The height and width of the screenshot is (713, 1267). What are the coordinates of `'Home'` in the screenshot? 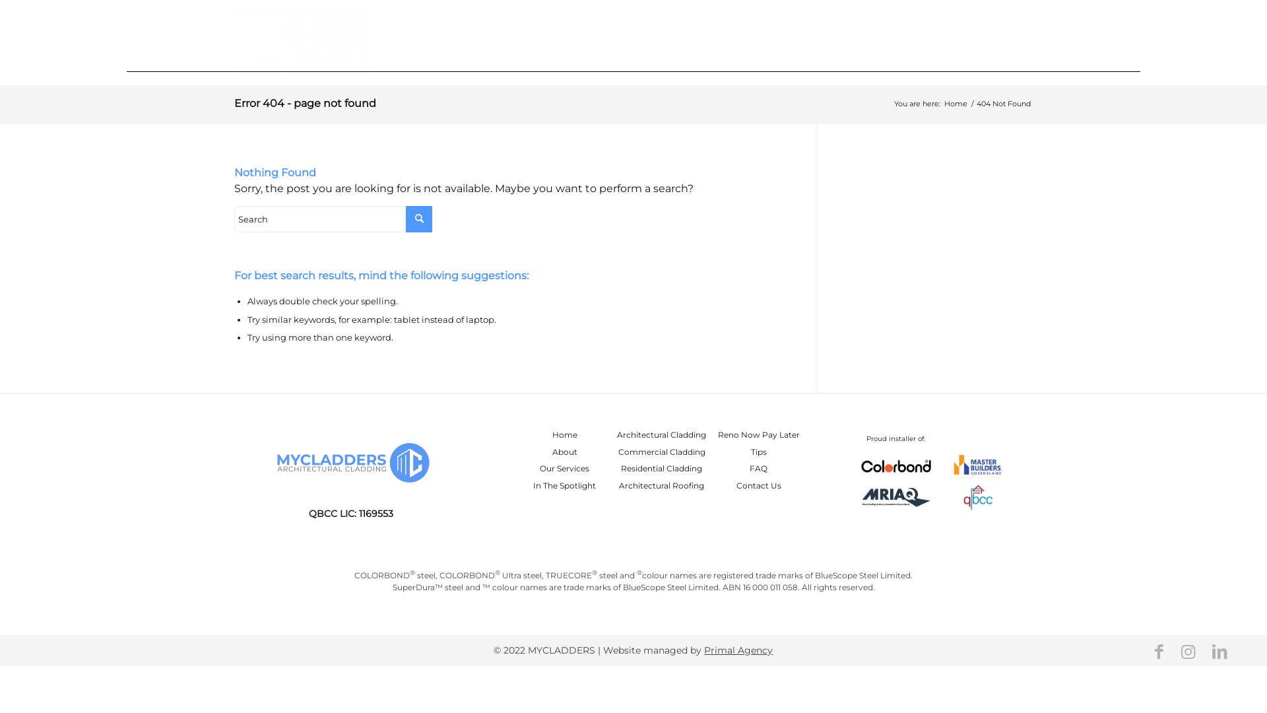 It's located at (956, 103).